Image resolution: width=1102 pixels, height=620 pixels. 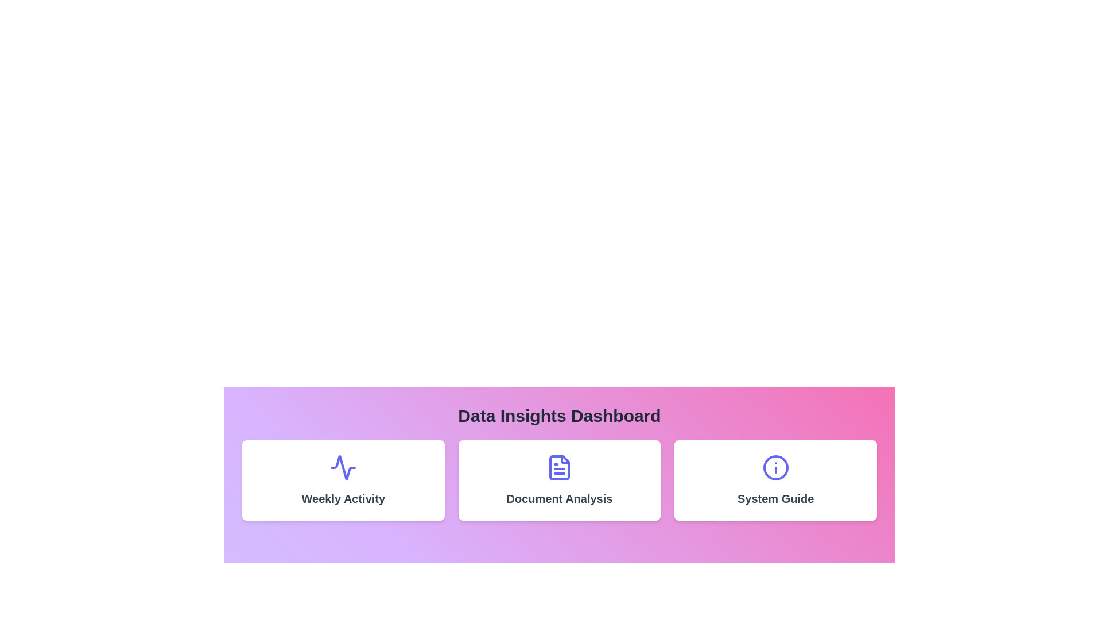 What do you see at coordinates (775, 467) in the screenshot?
I see `the circular icon with a blue outline and a white background featuring a lowercase 'i' in blue, located within the 'System Guide' card at the bottom right of the layout` at bounding box center [775, 467].